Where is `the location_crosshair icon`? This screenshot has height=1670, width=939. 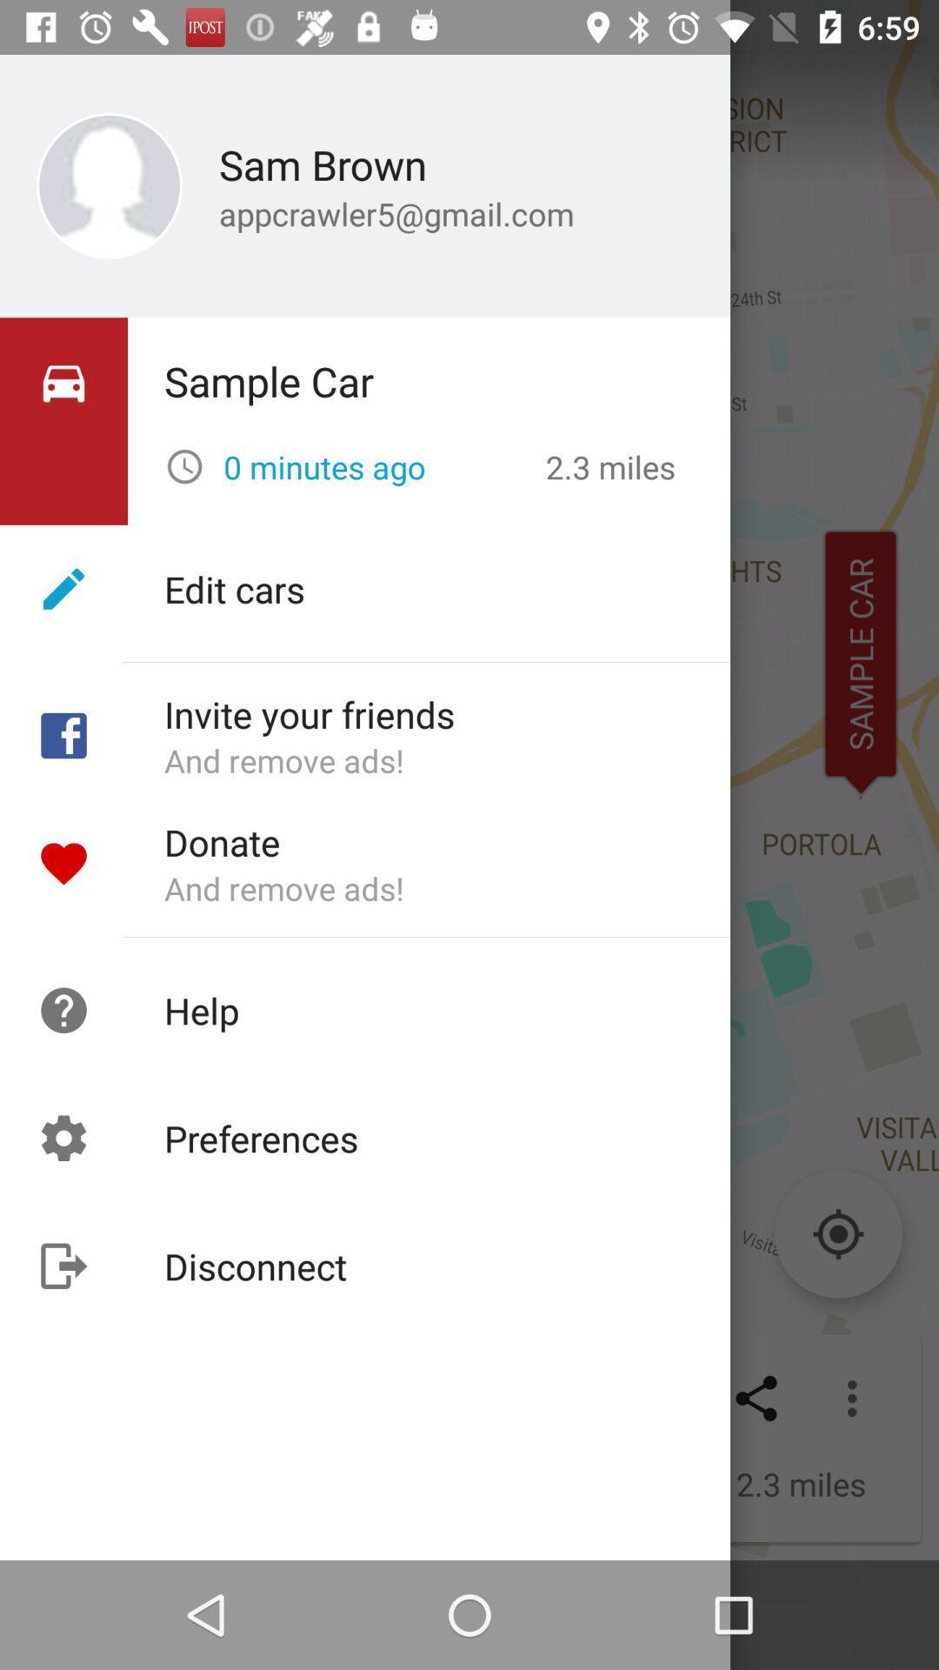
the location_crosshair icon is located at coordinates (837, 1233).